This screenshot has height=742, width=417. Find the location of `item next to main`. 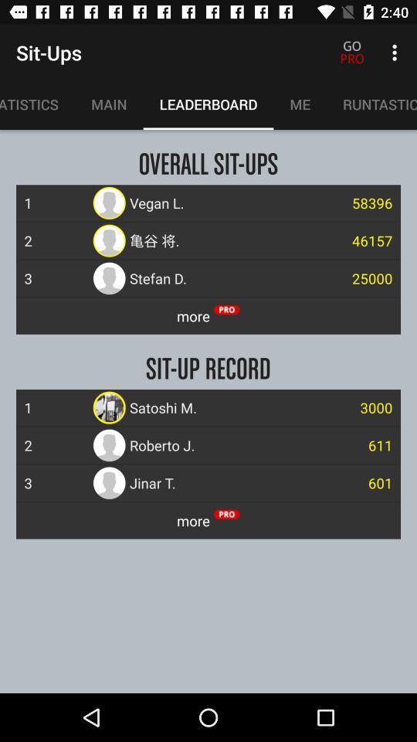

item next to main is located at coordinates (37, 104).